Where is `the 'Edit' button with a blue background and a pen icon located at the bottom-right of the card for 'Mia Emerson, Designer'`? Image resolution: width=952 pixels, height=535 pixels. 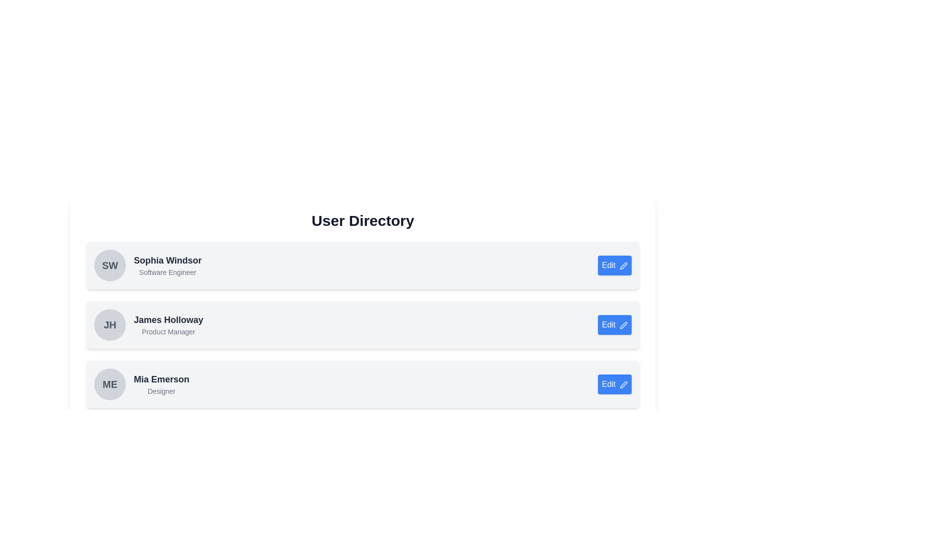
the 'Edit' button with a blue background and a pen icon located at the bottom-right of the card for 'Mia Emerson, Designer' is located at coordinates (614, 383).